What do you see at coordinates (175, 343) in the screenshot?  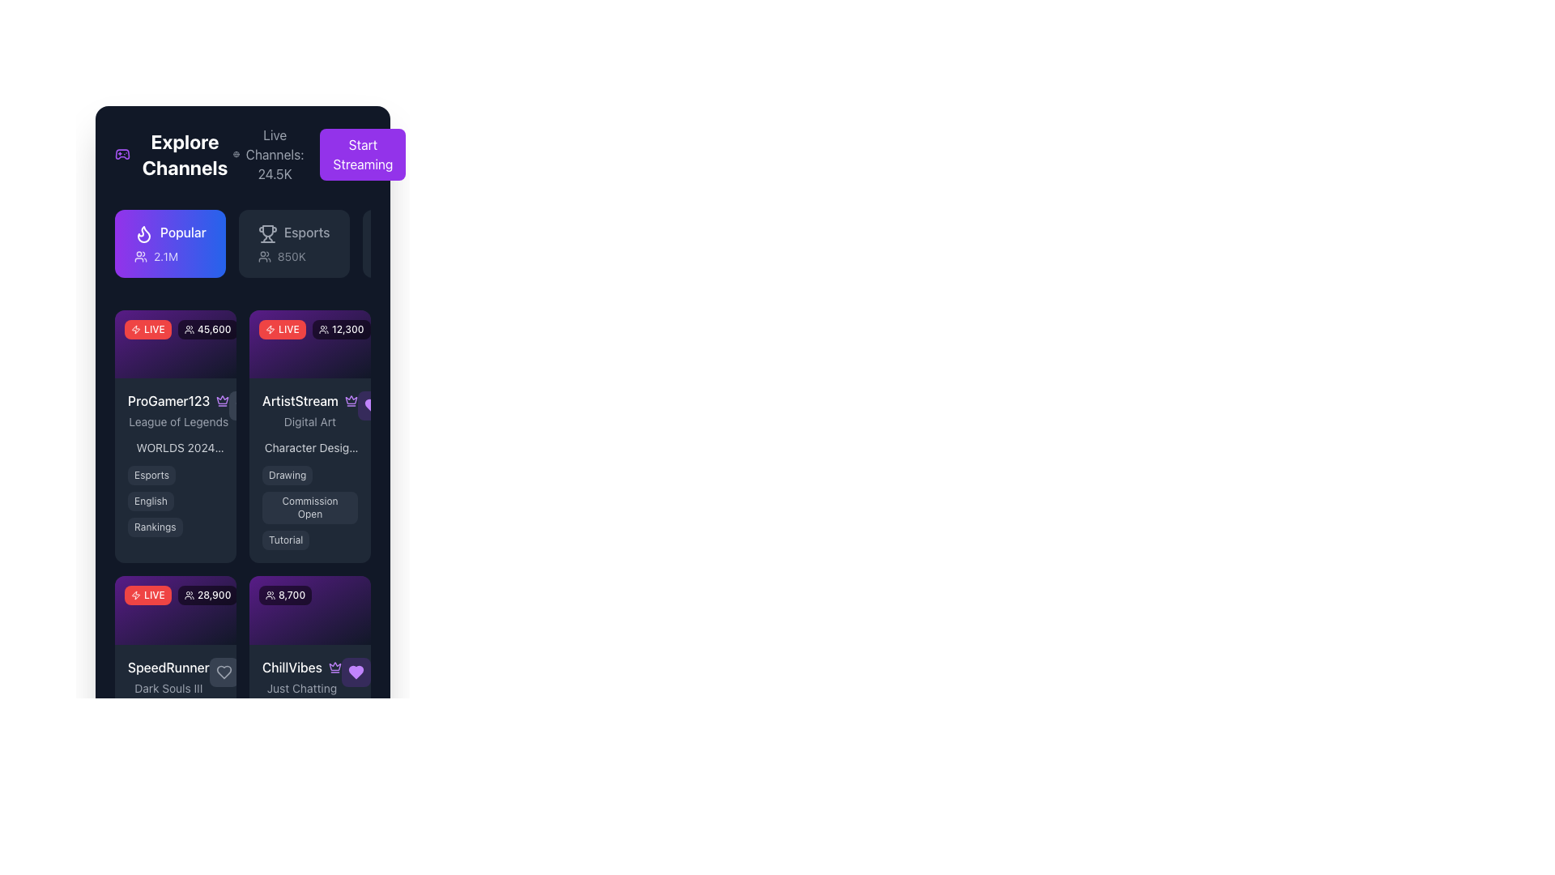 I see `displayed information from the informational tag showing the live status and viewer count, located at the top of the first card in the second row of the channel list` at bounding box center [175, 343].